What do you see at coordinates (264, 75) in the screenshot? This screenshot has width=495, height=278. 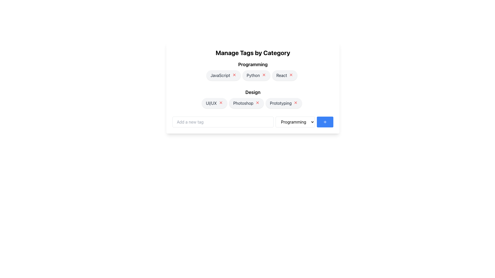 I see `the interactive 'X' icon located to the right of the 'Python' tag under the 'Programming' category` at bounding box center [264, 75].